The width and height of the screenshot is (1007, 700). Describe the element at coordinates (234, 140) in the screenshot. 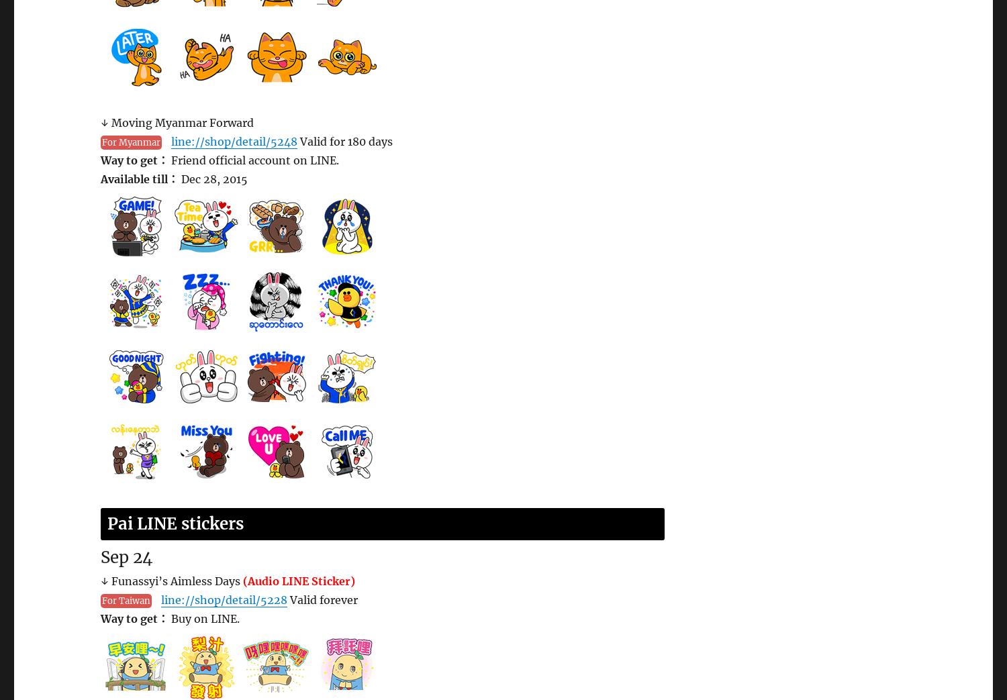

I see `'line://shop/detail/5248'` at that location.